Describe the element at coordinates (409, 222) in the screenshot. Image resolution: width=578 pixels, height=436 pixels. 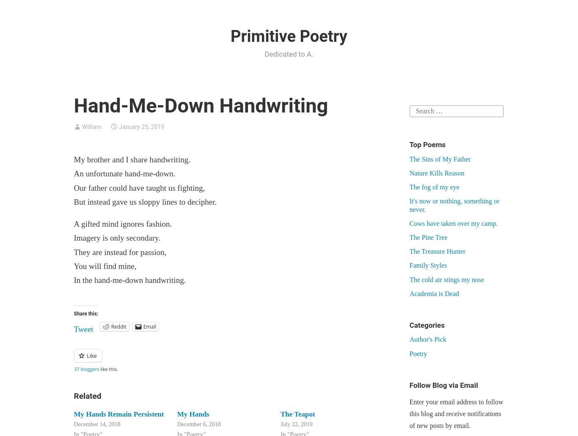
I see `'Cows have taken over my camp.'` at that location.